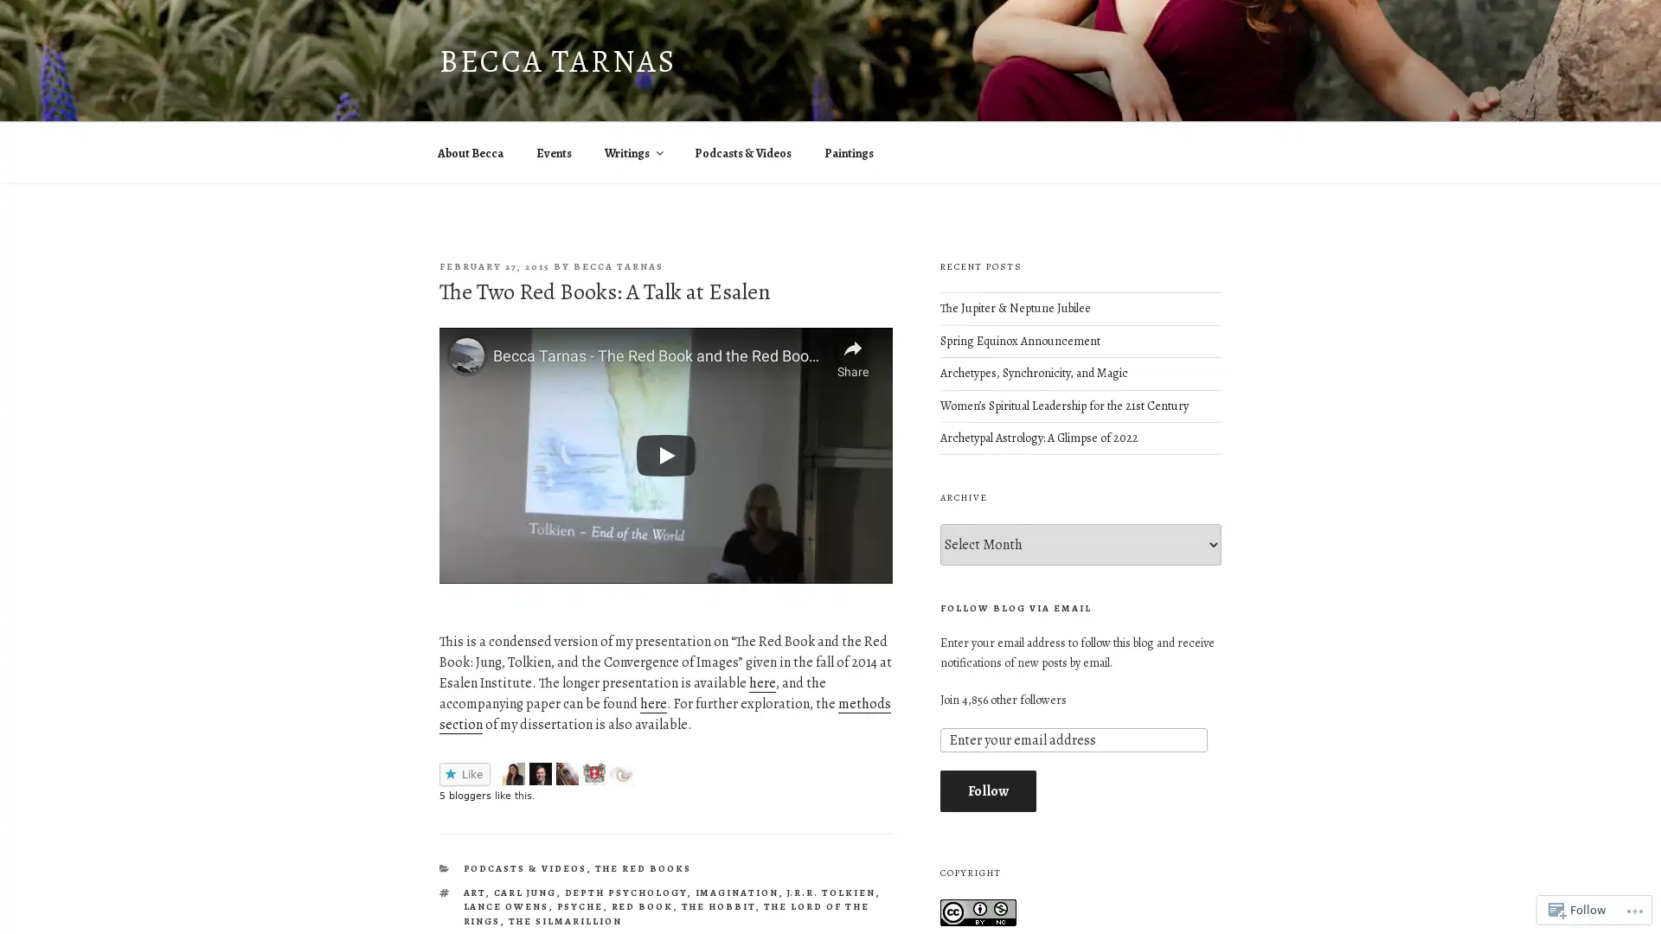 The width and height of the screenshot is (1661, 934). What do you see at coordinates (987, 790) in the screenshot?
I see `Follow` at bounding box center [987, 790].